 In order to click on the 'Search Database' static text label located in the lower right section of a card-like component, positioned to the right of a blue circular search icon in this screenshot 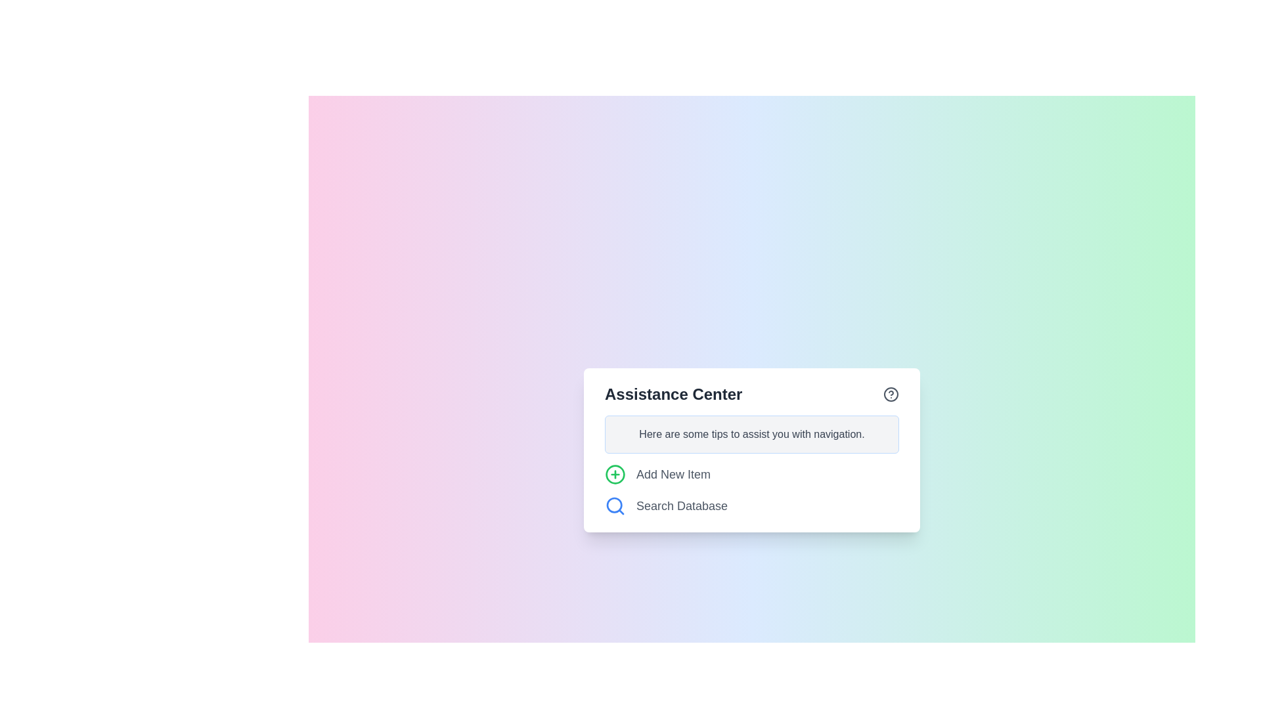, I will do `click(682, 505)`.